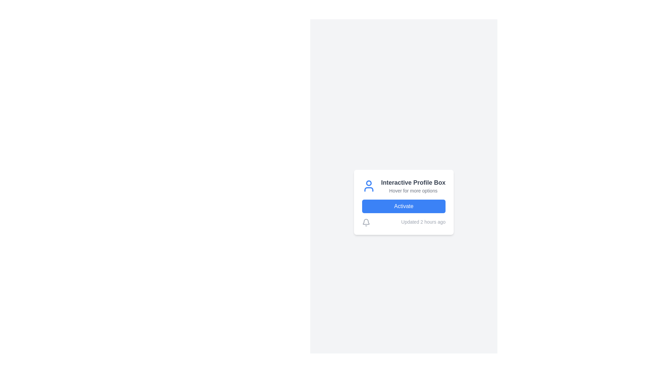 This screenshot has height=366, width=651. I want to click on the informational label located below the 'Interactive Profile Box' title, which indicates additional options accessible by hovering, so click(413, 191).